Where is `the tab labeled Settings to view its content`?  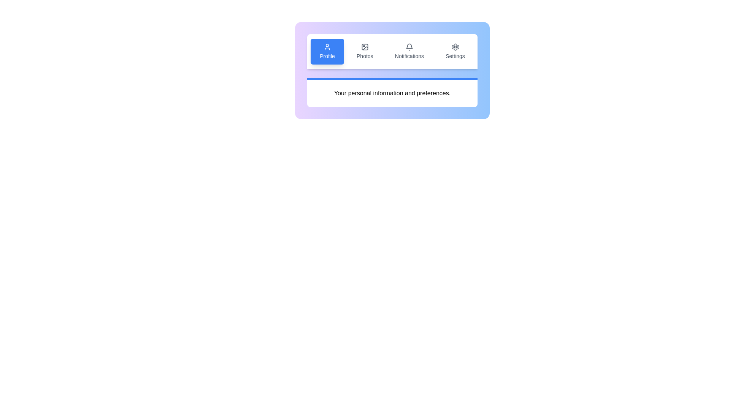 the tab labeled Settings to view its content is located at coordinates (455, 51).